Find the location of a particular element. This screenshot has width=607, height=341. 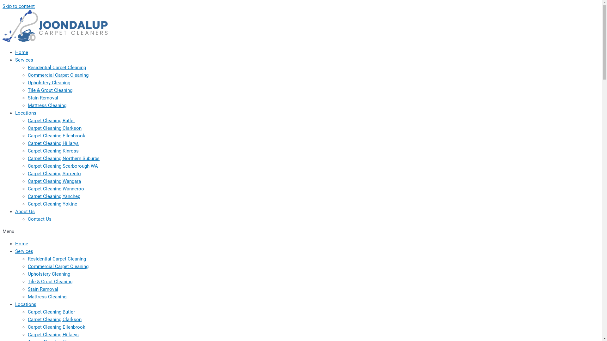

'Carpet Cleaning Scarborough WA' is located at coordinates (27, 165).